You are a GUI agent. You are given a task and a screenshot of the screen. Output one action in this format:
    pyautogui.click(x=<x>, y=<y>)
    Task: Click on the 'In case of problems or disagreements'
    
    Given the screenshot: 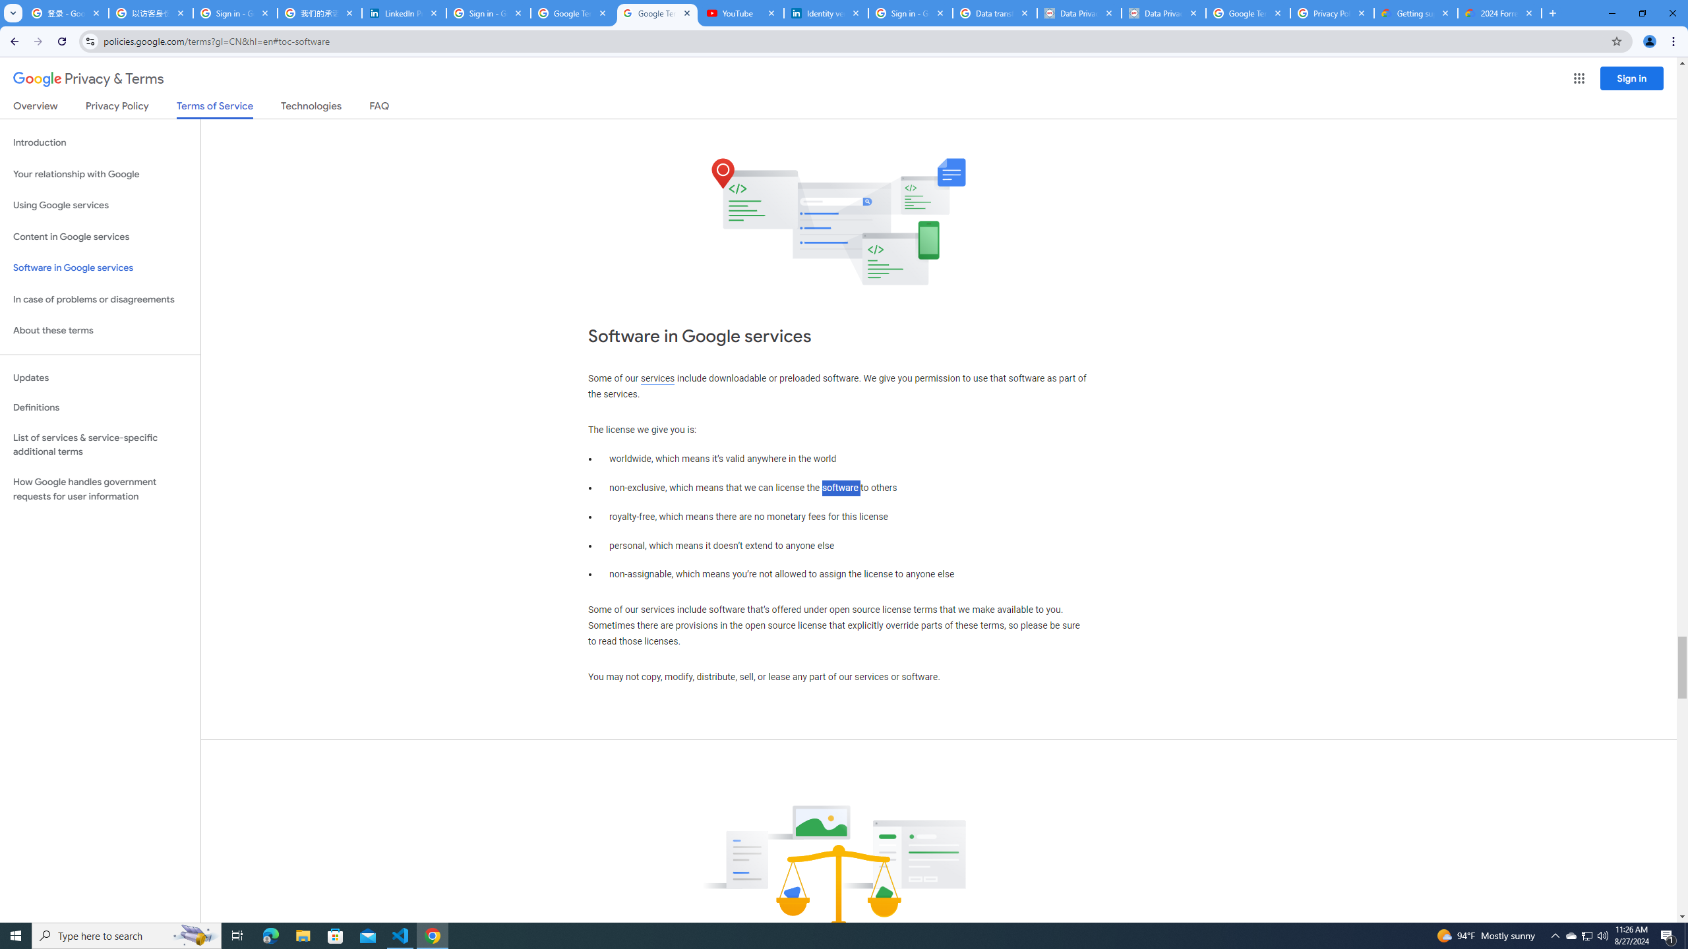 What is the action you would take?
    pyautogui.click(x=100, y=300)
    